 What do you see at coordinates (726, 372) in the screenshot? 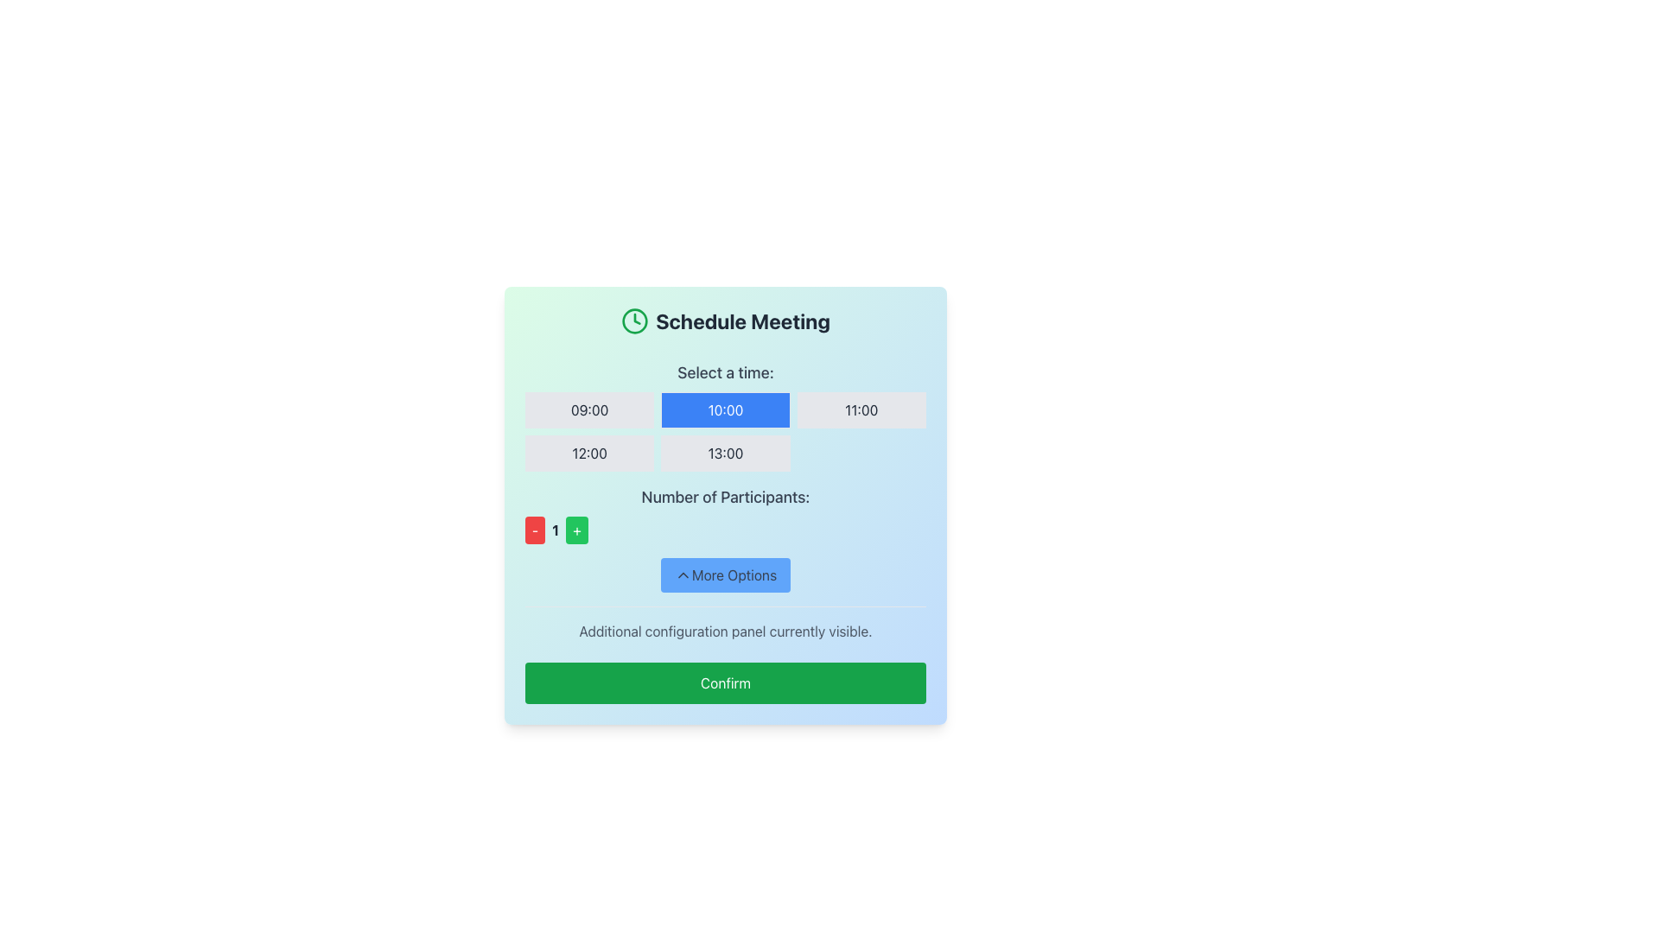
I see `the Text Label that instructs users to choose a time from the options below, located at the top of the time selection group` at bounding box center [726, 372].